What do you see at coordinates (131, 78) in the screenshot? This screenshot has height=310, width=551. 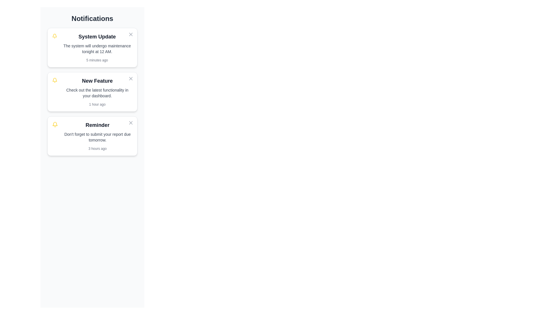 I see `the small vector graphic line element that is part of the cross icon` at bounding box center [131, 78].